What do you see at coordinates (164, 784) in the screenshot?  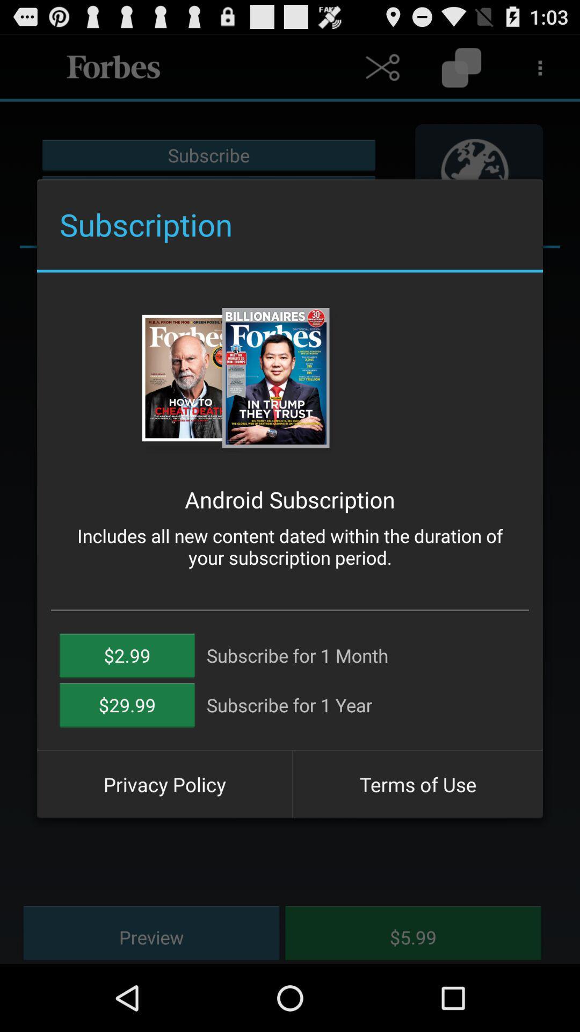 I see `the privacy policy icon` at bounding box center [164, 784].